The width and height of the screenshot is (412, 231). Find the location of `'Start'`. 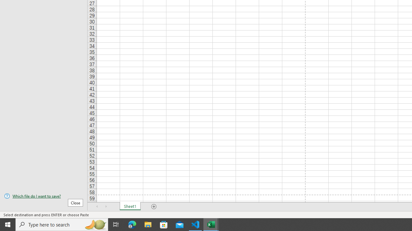

'Start' is located at coordinates (8, 224).